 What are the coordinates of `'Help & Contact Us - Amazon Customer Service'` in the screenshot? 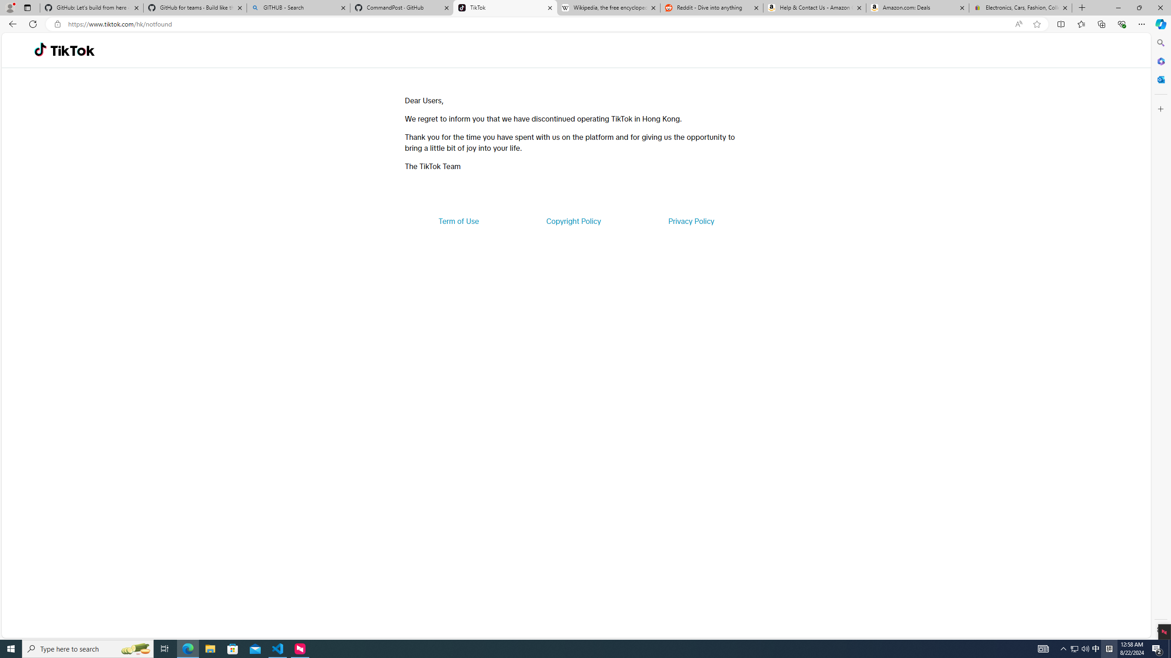 It's located at (814, 7).